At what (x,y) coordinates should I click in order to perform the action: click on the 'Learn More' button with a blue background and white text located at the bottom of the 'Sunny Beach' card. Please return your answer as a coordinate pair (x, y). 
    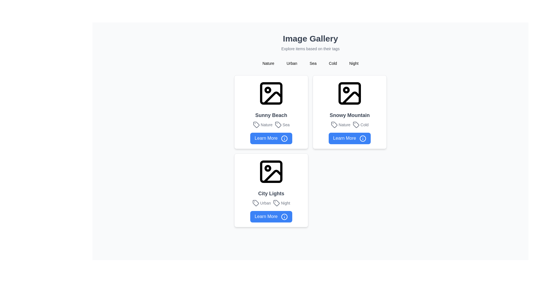
    Looking at the image, I should click on (271, 138).